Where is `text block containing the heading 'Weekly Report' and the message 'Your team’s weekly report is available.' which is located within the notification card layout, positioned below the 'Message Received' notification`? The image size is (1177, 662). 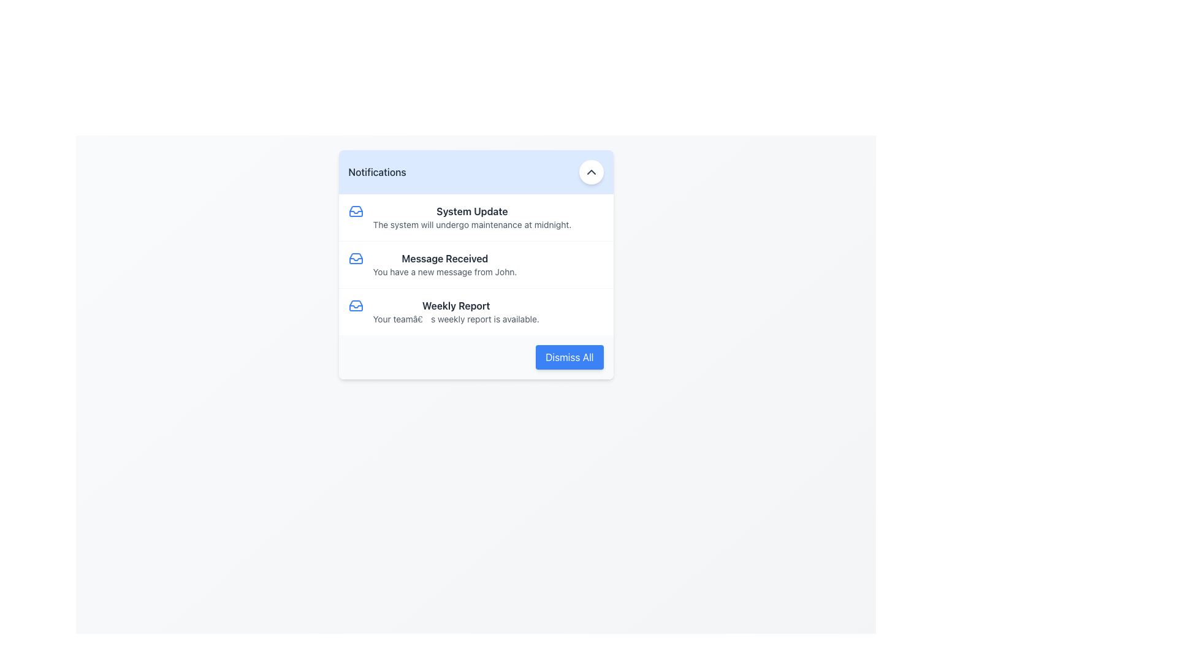 text block containing the heading 'Weekly Report' and the message 'Your team’s weekly report is available.' which is located within the notification card layout, positioned below the 'Message Received' notification is located at coordinates (455, 311).